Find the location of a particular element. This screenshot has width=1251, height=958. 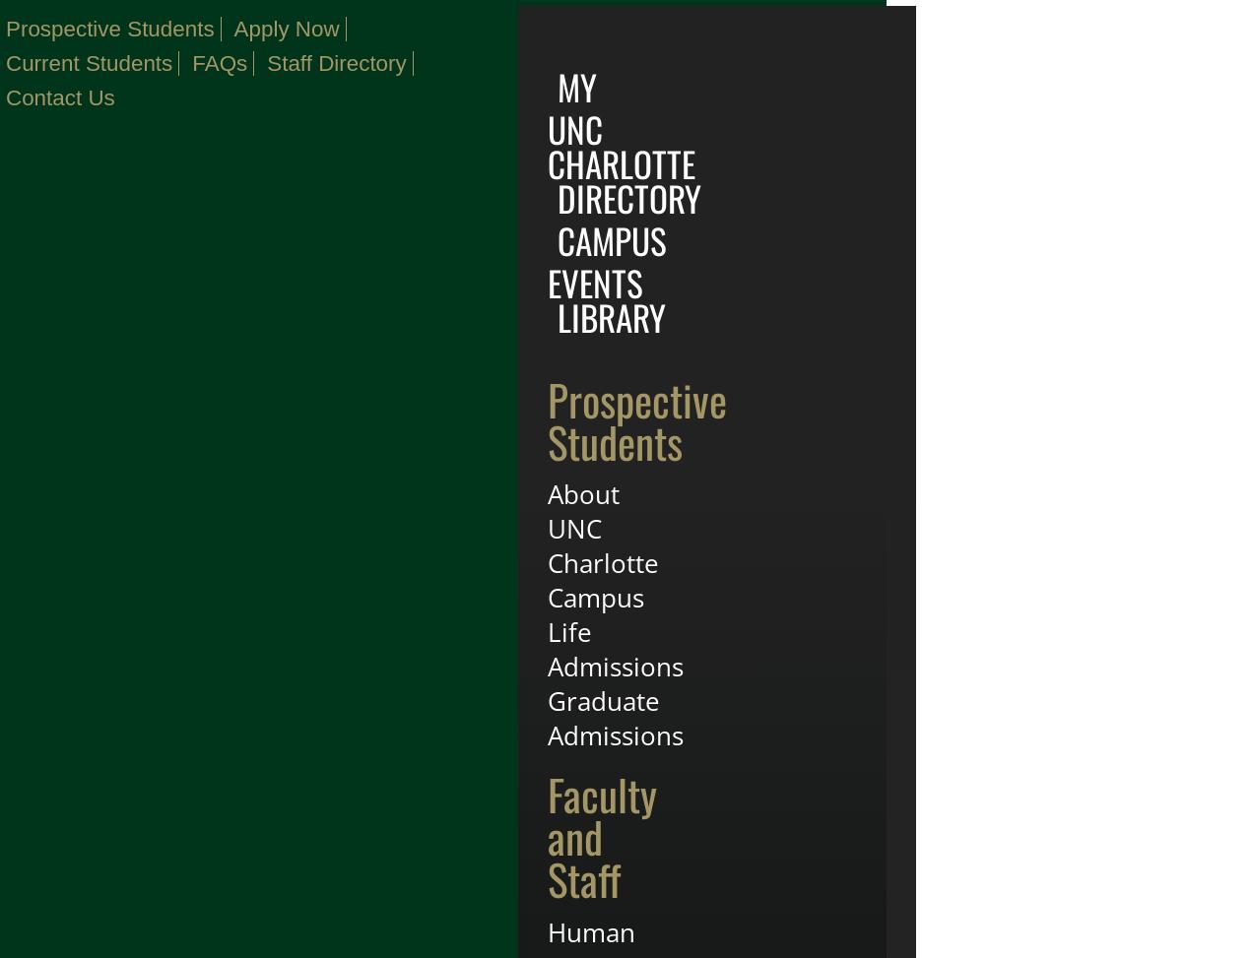

'About UNC Charlotte' is located at coordinates (603, 527).